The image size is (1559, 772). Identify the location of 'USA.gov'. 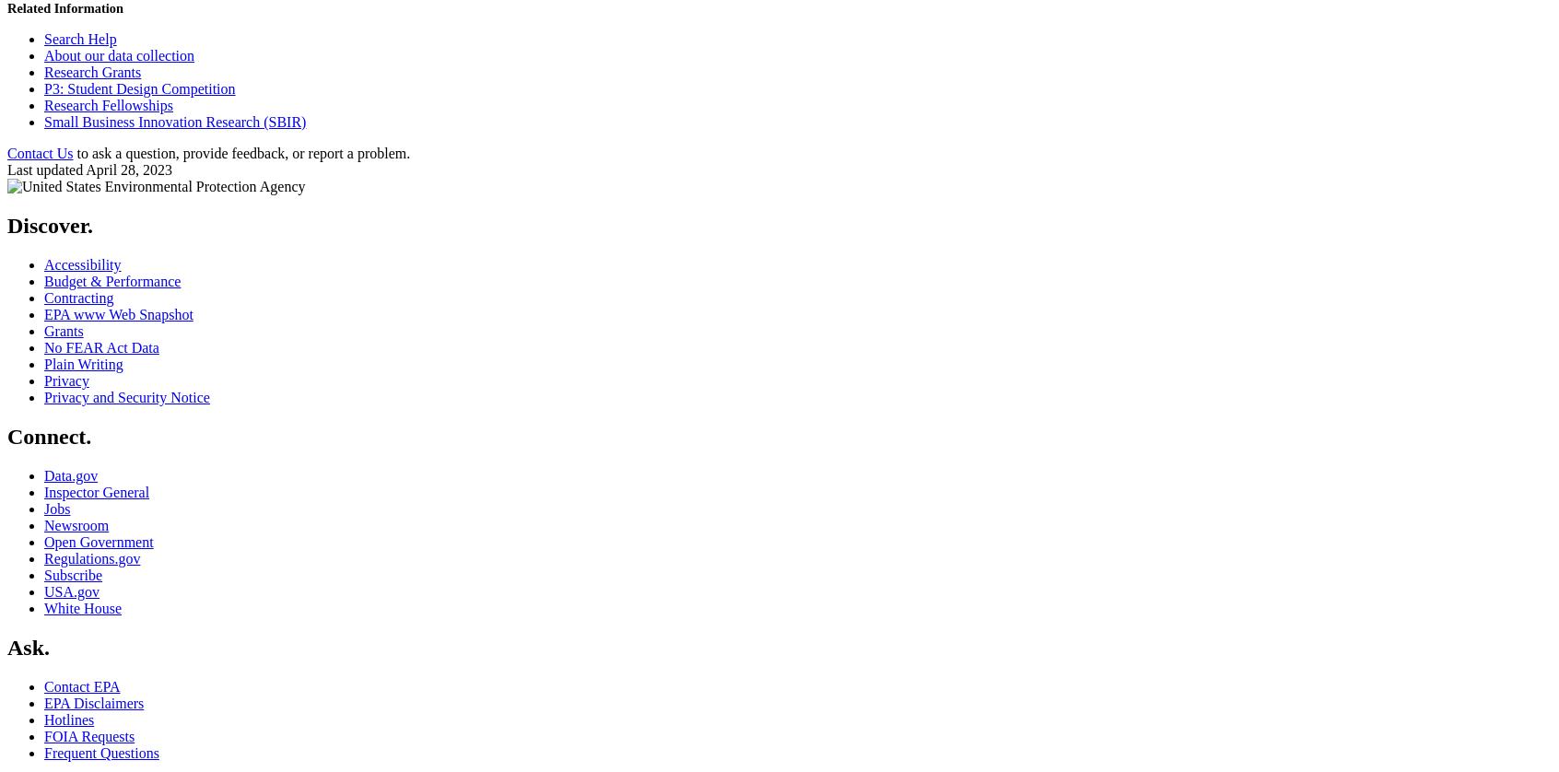
(72, 590).